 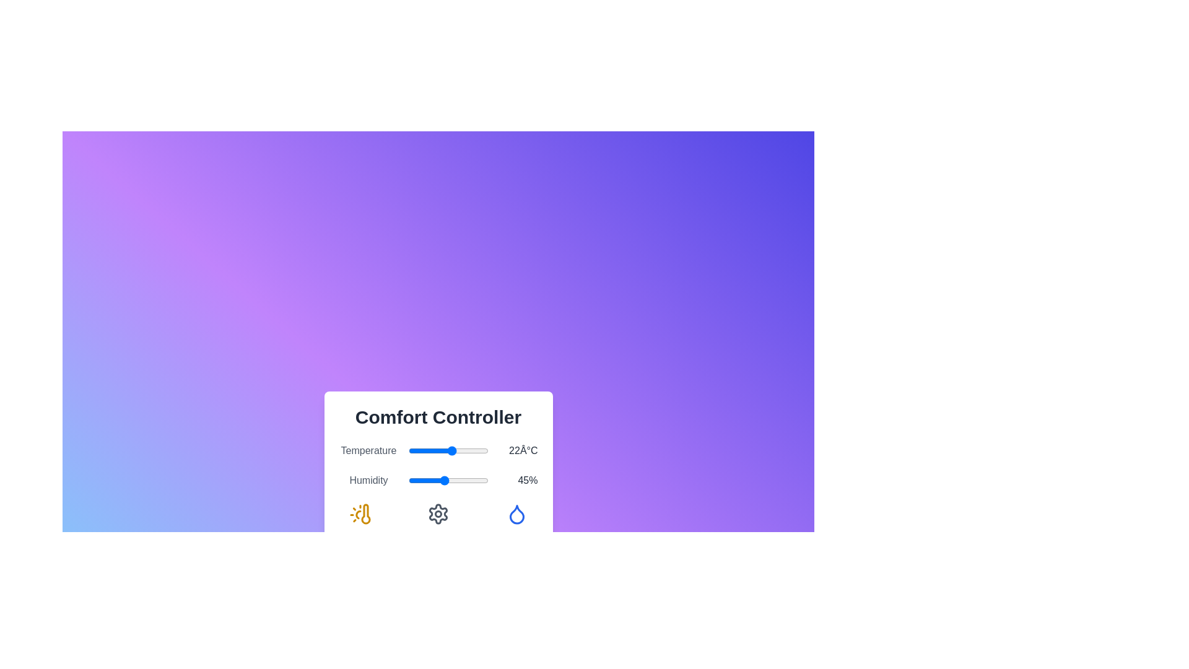 I want to click on the humidity slider to set the value to 95, so click(x=484, y=479).